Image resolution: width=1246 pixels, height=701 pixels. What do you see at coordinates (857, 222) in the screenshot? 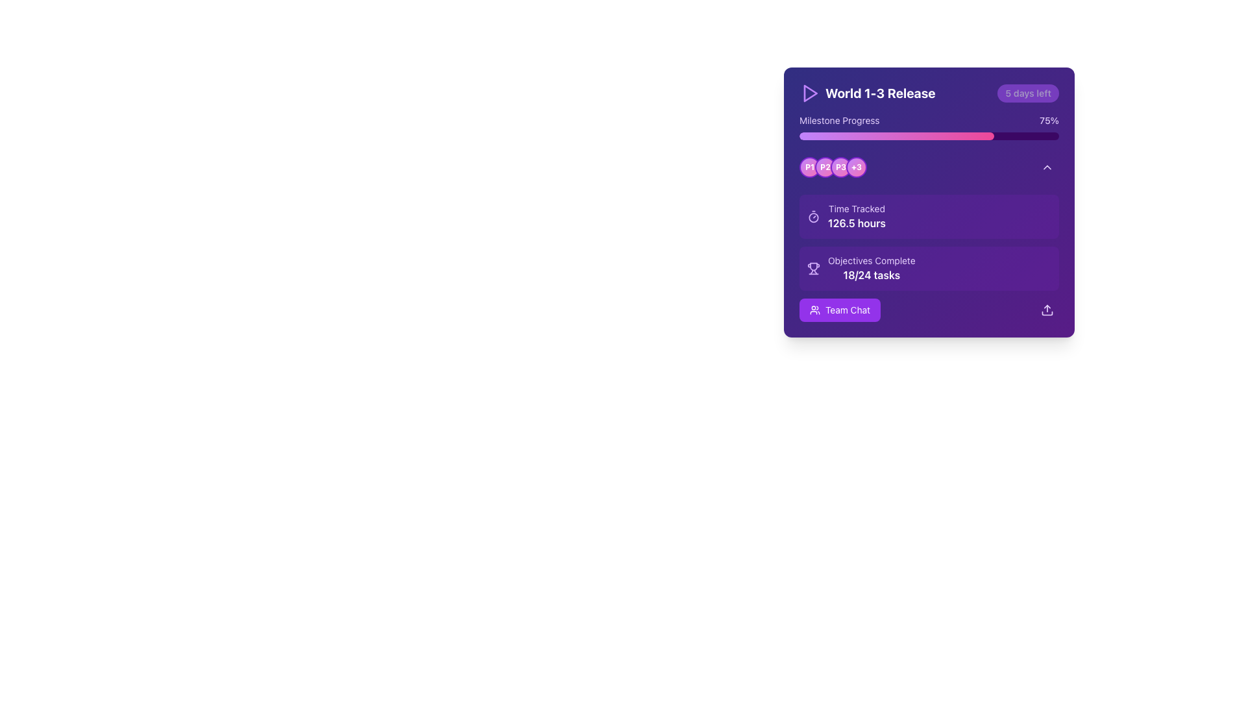
I see `the text label displaying '126.5 hours' in a bold white font, positioned within a deep purple card UI, located directly below the 'Time Tracked' label` at bounding box center [857, 222].